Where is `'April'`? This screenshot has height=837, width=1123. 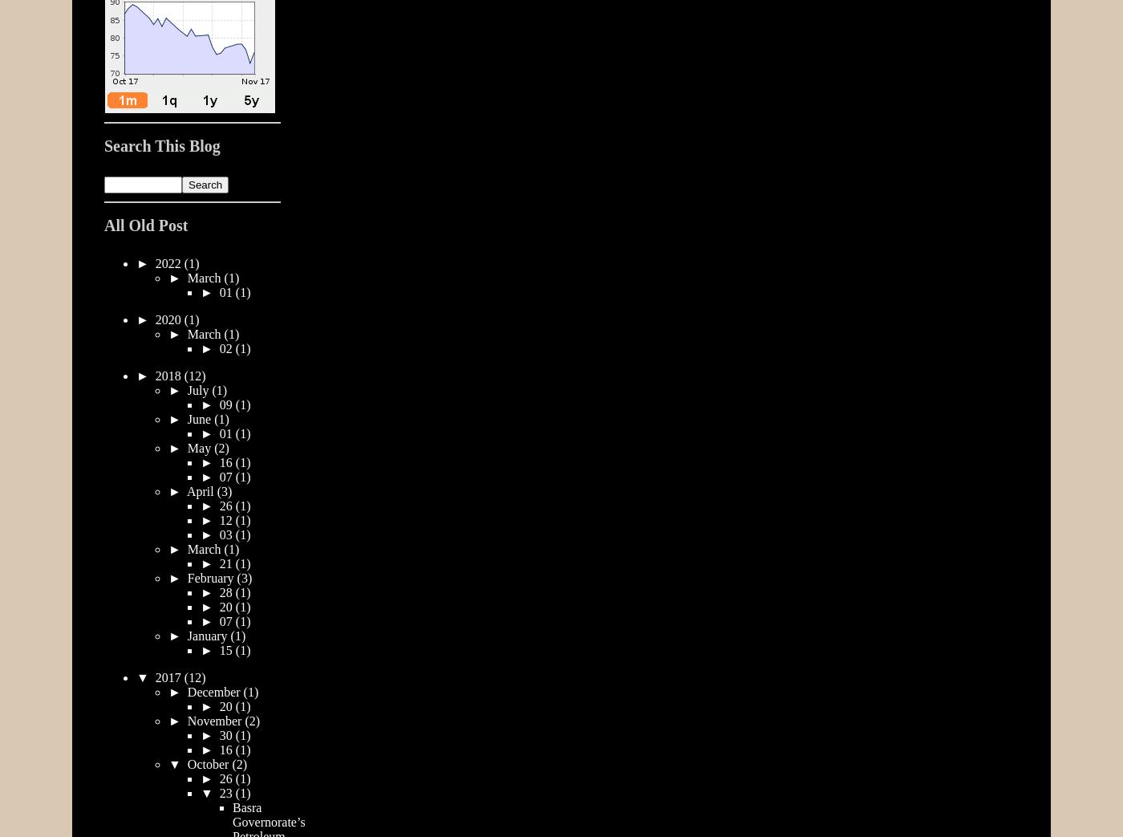 'April' is located at coordinates (201, 490).